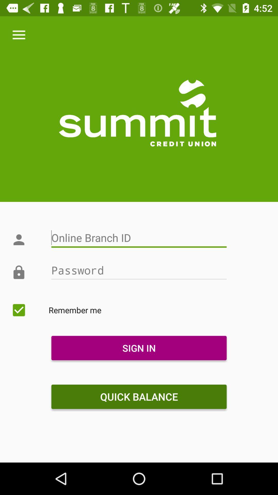 The height and width of the screenshot is (495, 278). I want to click on quick balance item, so click(139, 397).